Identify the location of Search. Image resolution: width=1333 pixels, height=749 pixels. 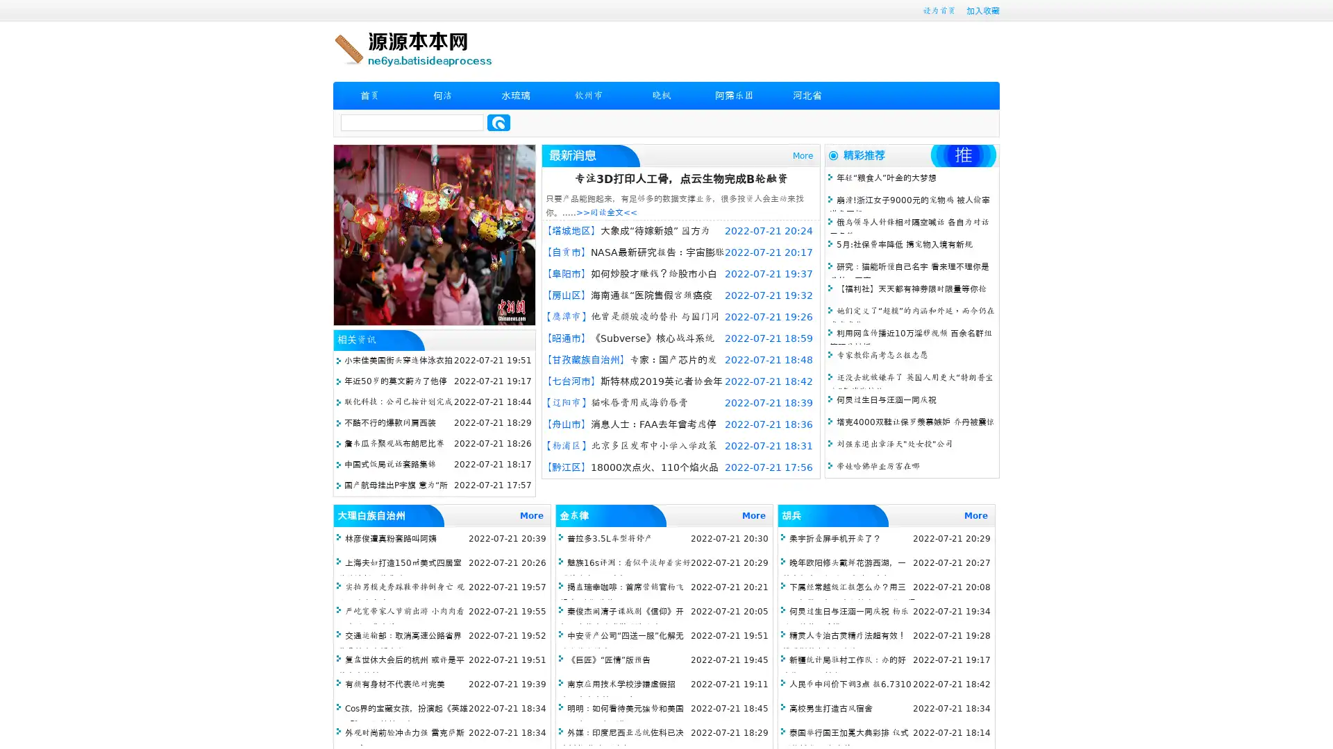
(498, 122).